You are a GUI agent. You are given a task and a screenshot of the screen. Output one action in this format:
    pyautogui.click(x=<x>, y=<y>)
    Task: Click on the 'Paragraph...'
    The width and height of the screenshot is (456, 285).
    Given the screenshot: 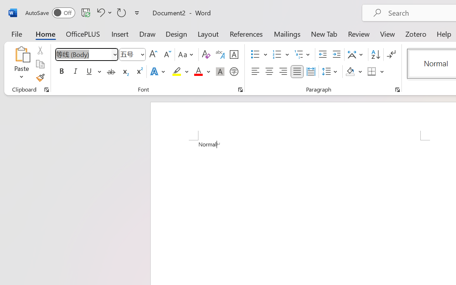 What is the action you would take?
    pyautogui.click(x=397, y=89)
    